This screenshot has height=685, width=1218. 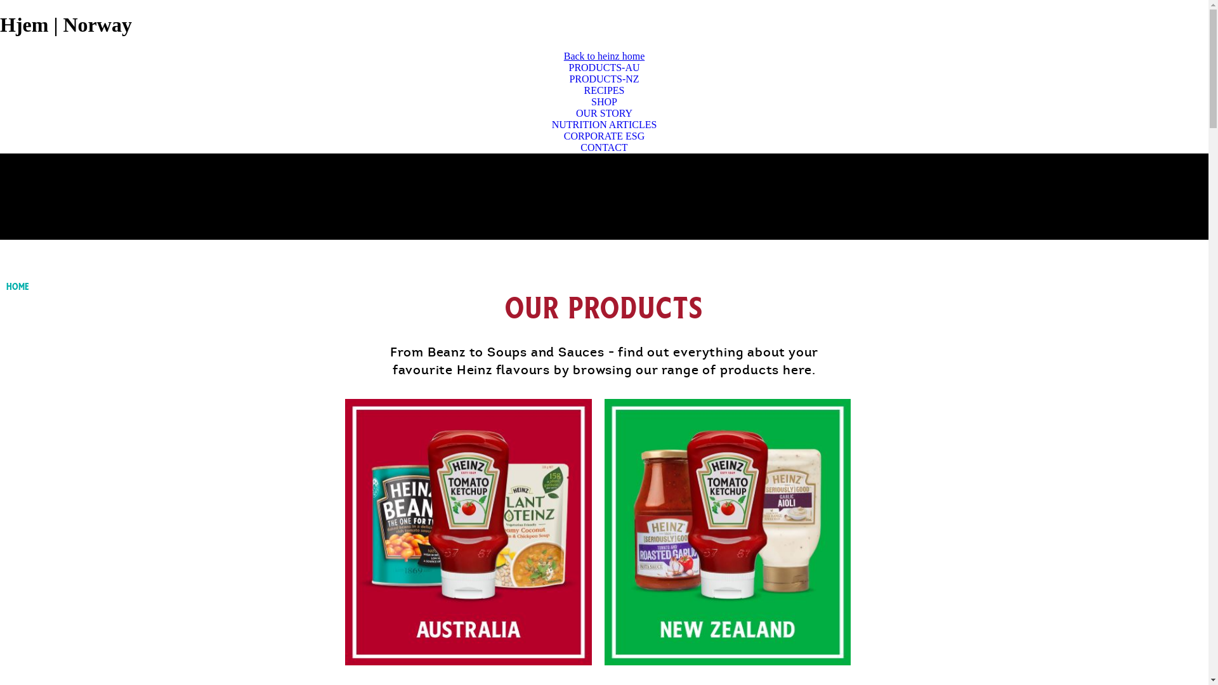 I want to click on 'Back to heinz home', so click(x=563, y=55).